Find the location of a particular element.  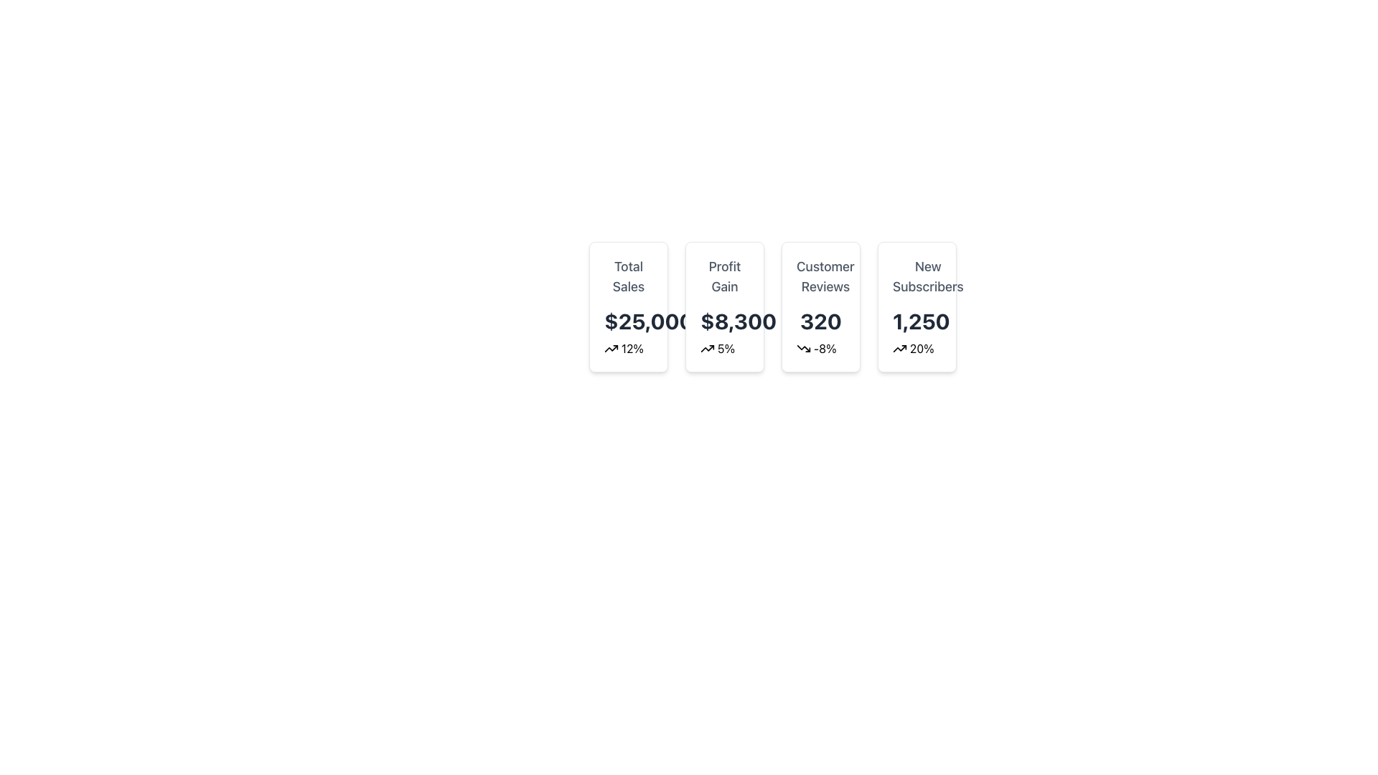

the 'New Subscribers' text label located in the upper-center of the fourth card to associate it with the underlying data is located at coordinates (928, 276).